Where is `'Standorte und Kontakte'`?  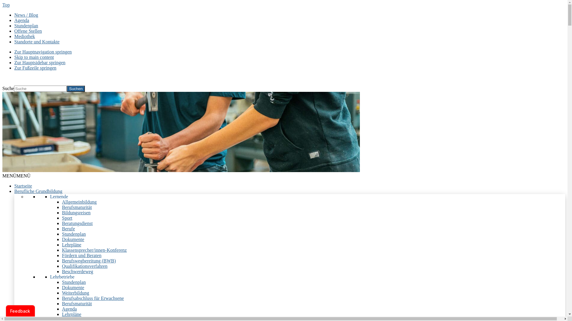 'Standorte und Kontakte' is located at coordinates (37, 41).